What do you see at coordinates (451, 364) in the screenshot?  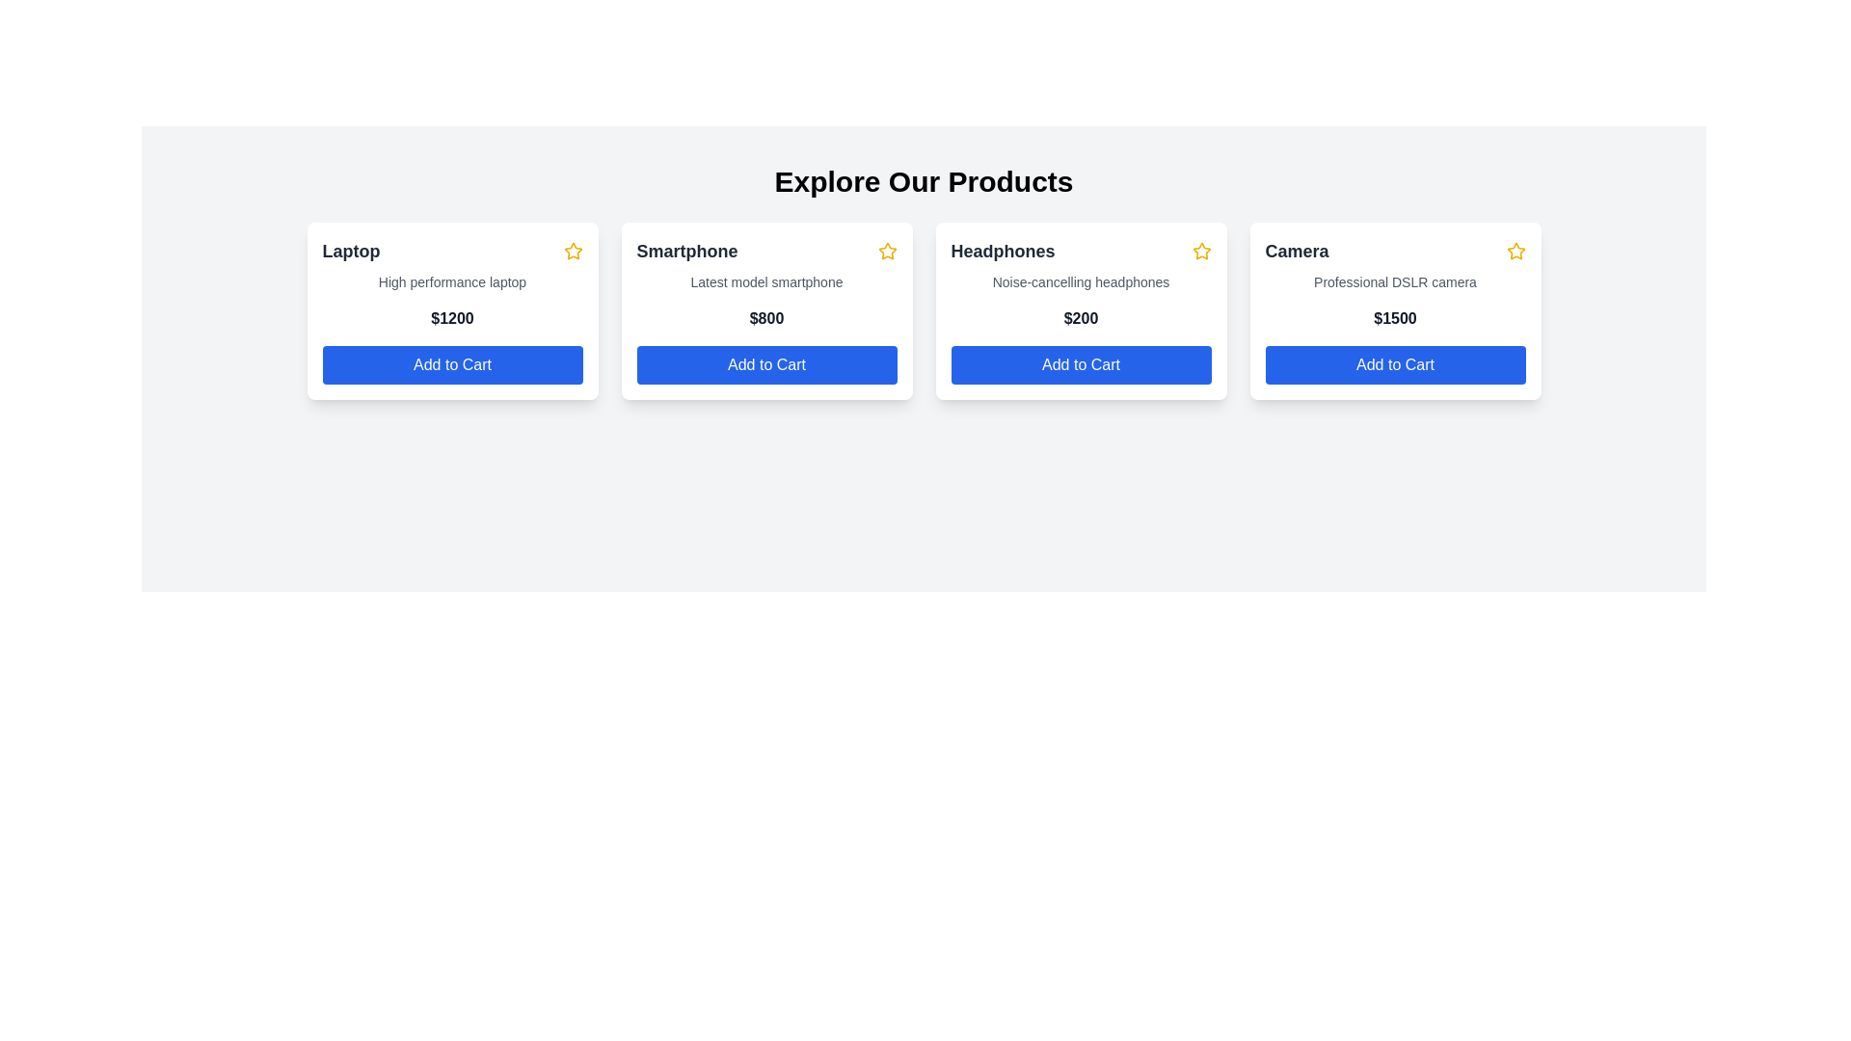 I see `the 'Add to Cart' button located at the bottom of the 'Laptop' product card` at bounding box center [451, 364].